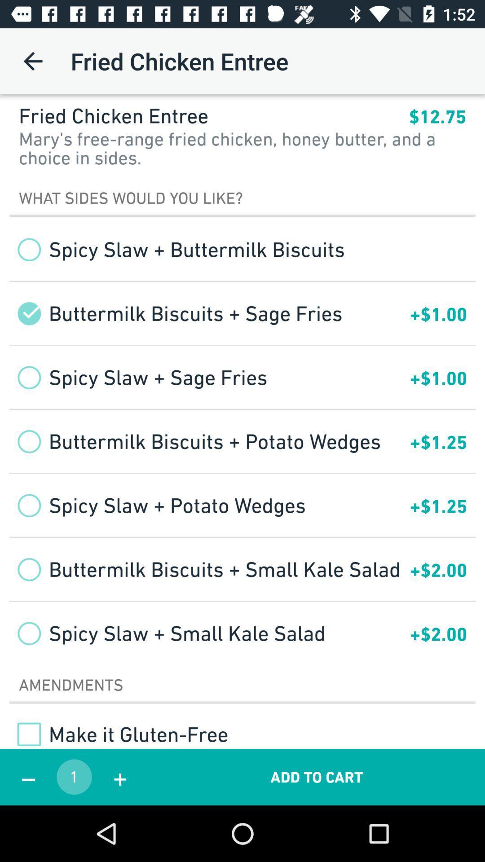 Image resolution: width=485 pixels, height=862 pixels. I want to click on icon next to the 1 app, so click(27, 777).